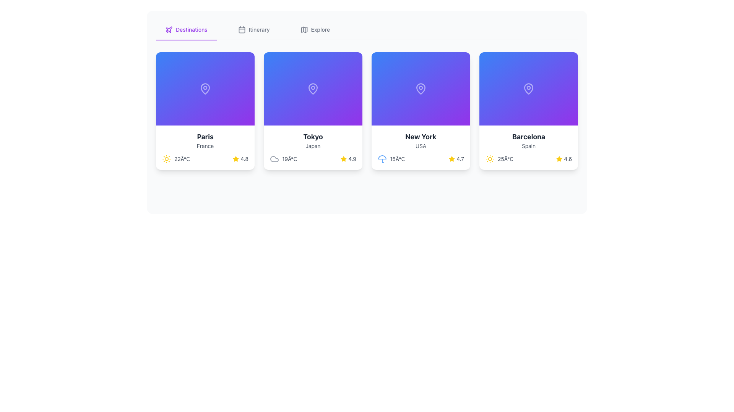 Image resolution: width=734 pixels, height=412 pixels. What do you see at coordinates (528, 146) in the screenshot?
I see `text label displaying 'Spain' in gray color, located beneath the city name in the card for Barcelona, by clicking on its center` at bounding box center [528, 146].